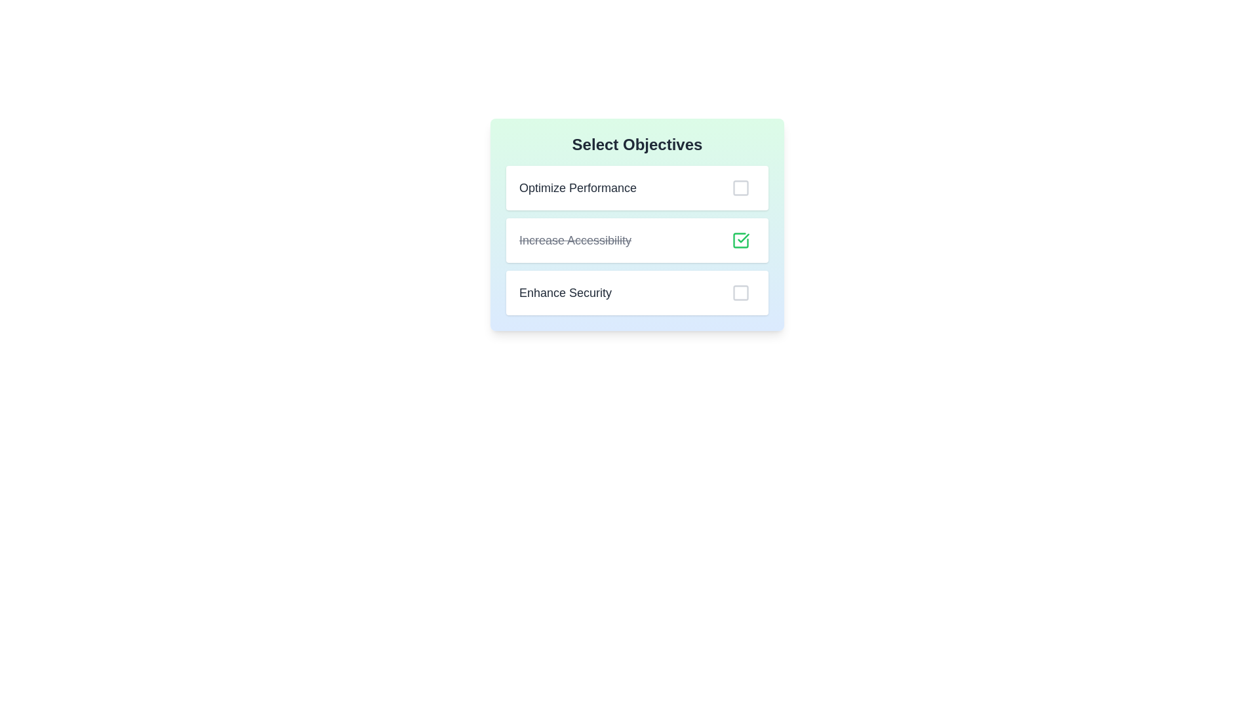 This screenshot has height=708, width=1259. Describe the element at coordinates (565, 292) in the screenshot. I see `the informational text label located in the third row of the 'Select Objectives' list, which describes the associated checkbox` at that location.